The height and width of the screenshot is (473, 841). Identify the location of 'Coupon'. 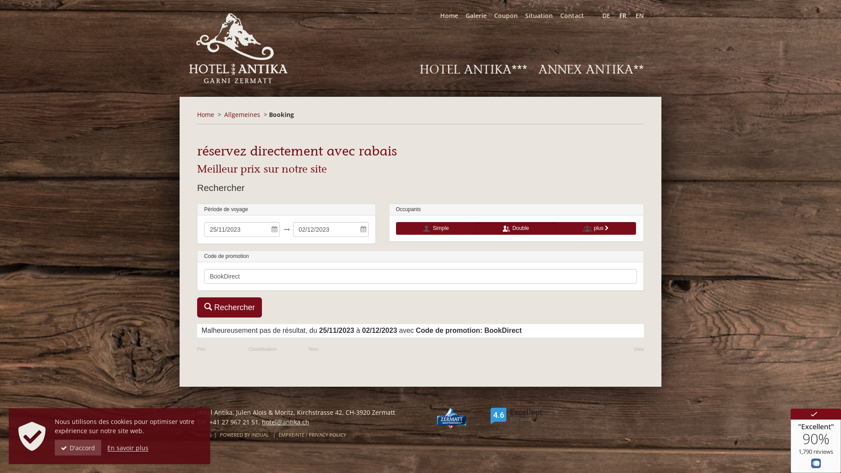
(502, 15).